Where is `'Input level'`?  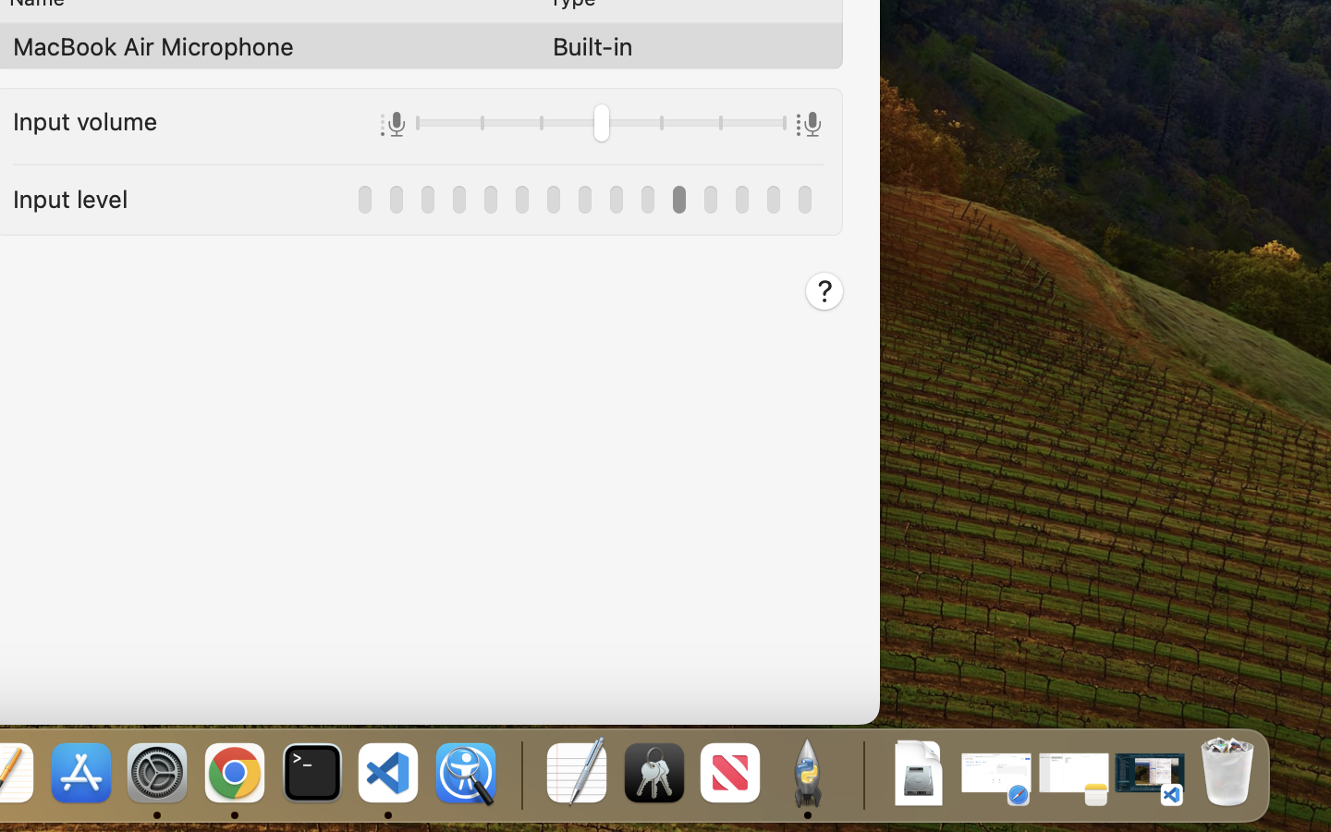
'Input level' is located at coordinates (70, 198).